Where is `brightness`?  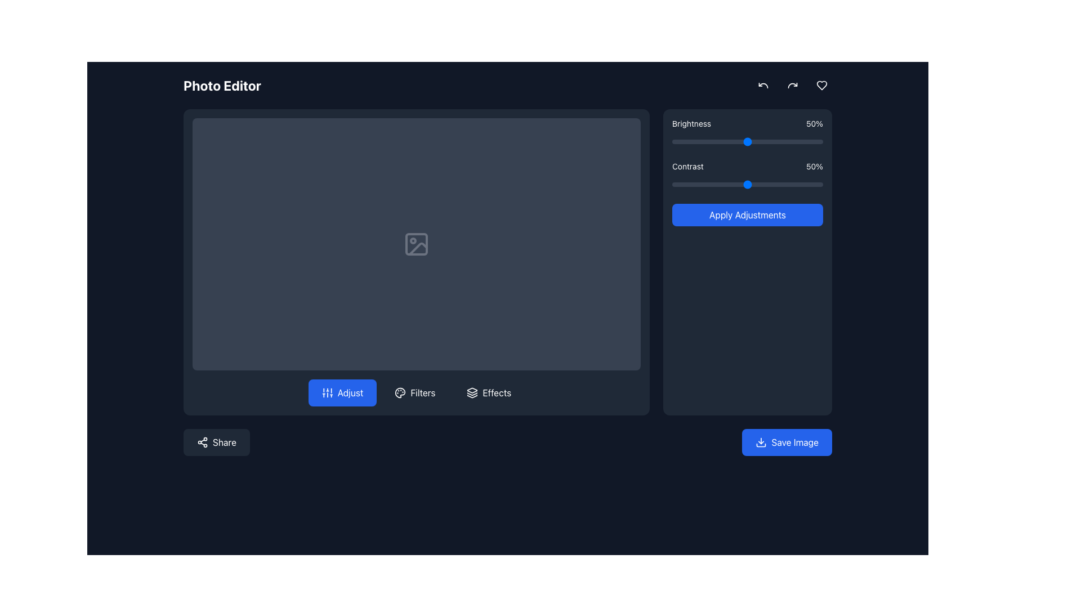
brightness is located at coordinates (706, 141).